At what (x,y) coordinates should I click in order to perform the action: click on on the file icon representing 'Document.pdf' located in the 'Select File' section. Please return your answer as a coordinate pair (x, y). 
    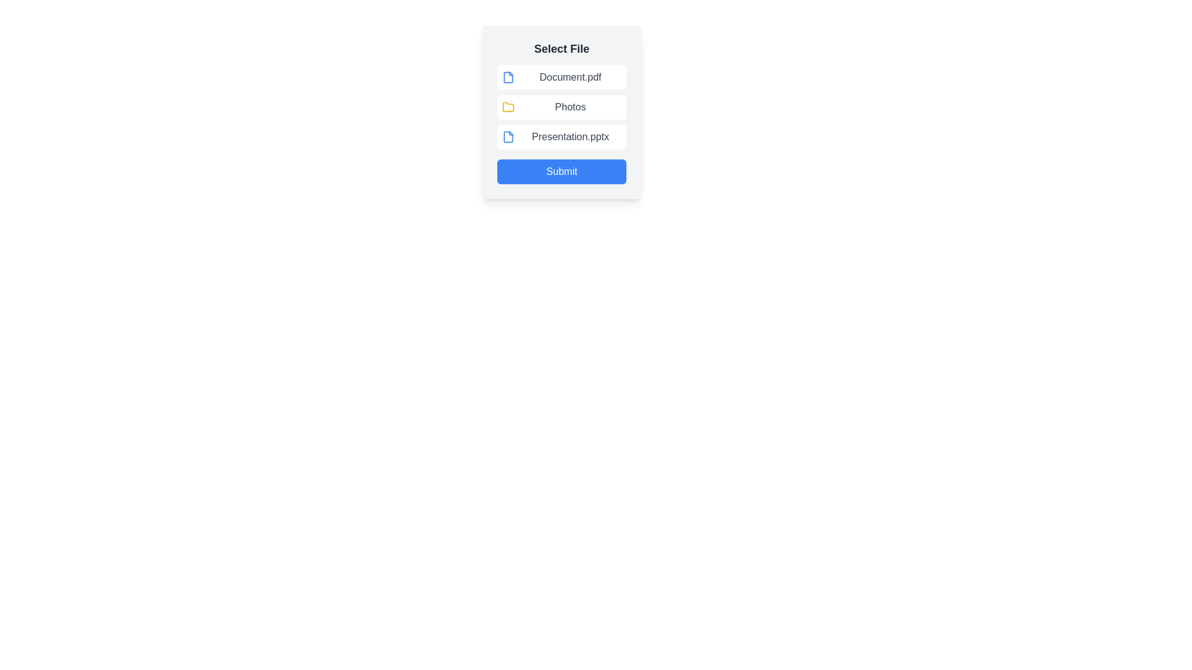
    Looking at the image, I should click on (508, 77).